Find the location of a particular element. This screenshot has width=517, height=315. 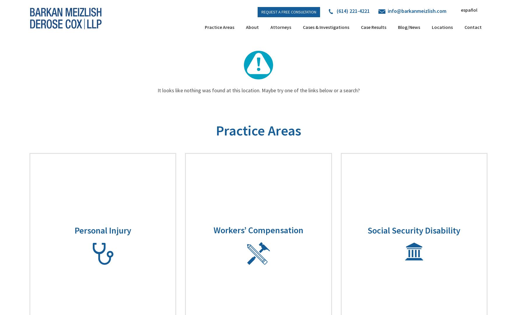

'Workers’ Compensation' is located at coordinates (213, 230).